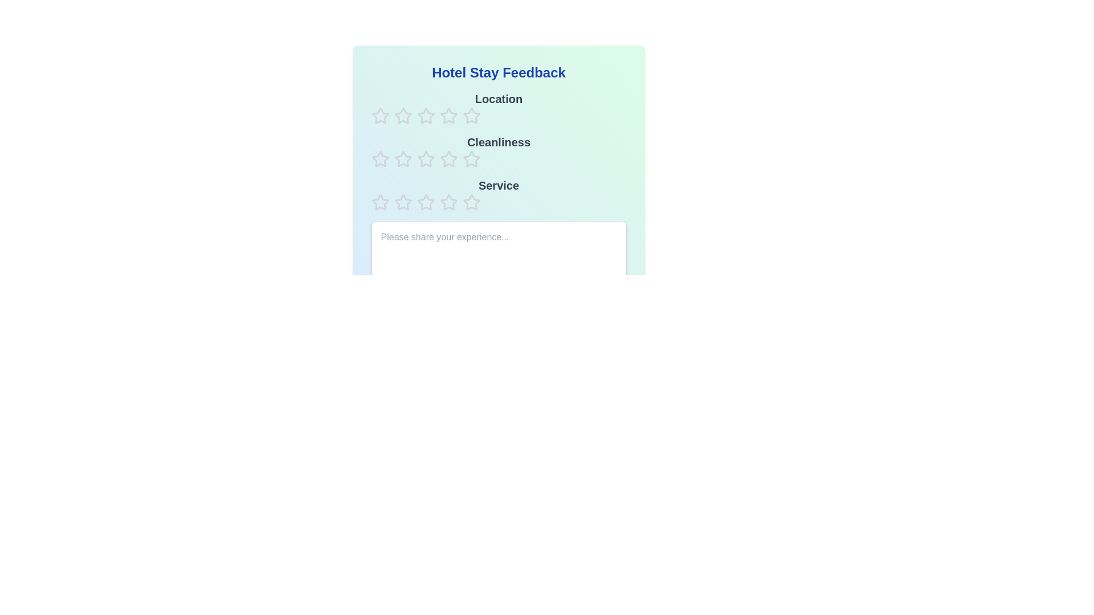  Describe the element at coordinates (448, 159) in the screenshot. I see `the fifth clickable star in the cleanliness rating row within the feedback section` at that location.